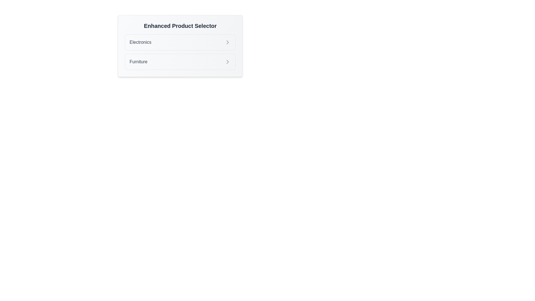  Describe the element at coordinates (227, 62) in the screenshot. I see `the chevron navigation arrow located in the second row labeled 'Furniture'` at that location.